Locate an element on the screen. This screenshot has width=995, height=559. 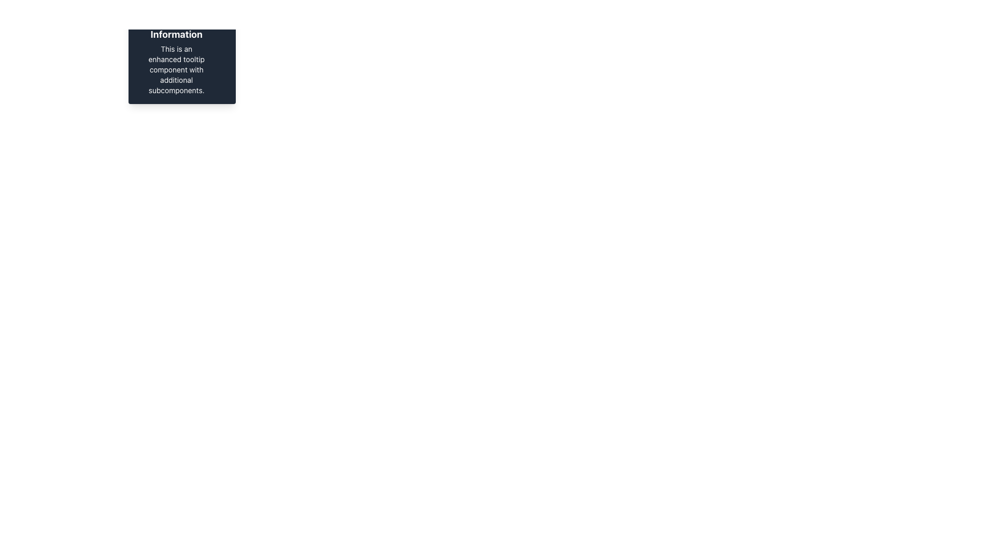
the label displaying 'Tooltip Information', which is bold and large-font styled in white against a dark background, located at the top of the tooltip component is located at coordinates (176, 27).